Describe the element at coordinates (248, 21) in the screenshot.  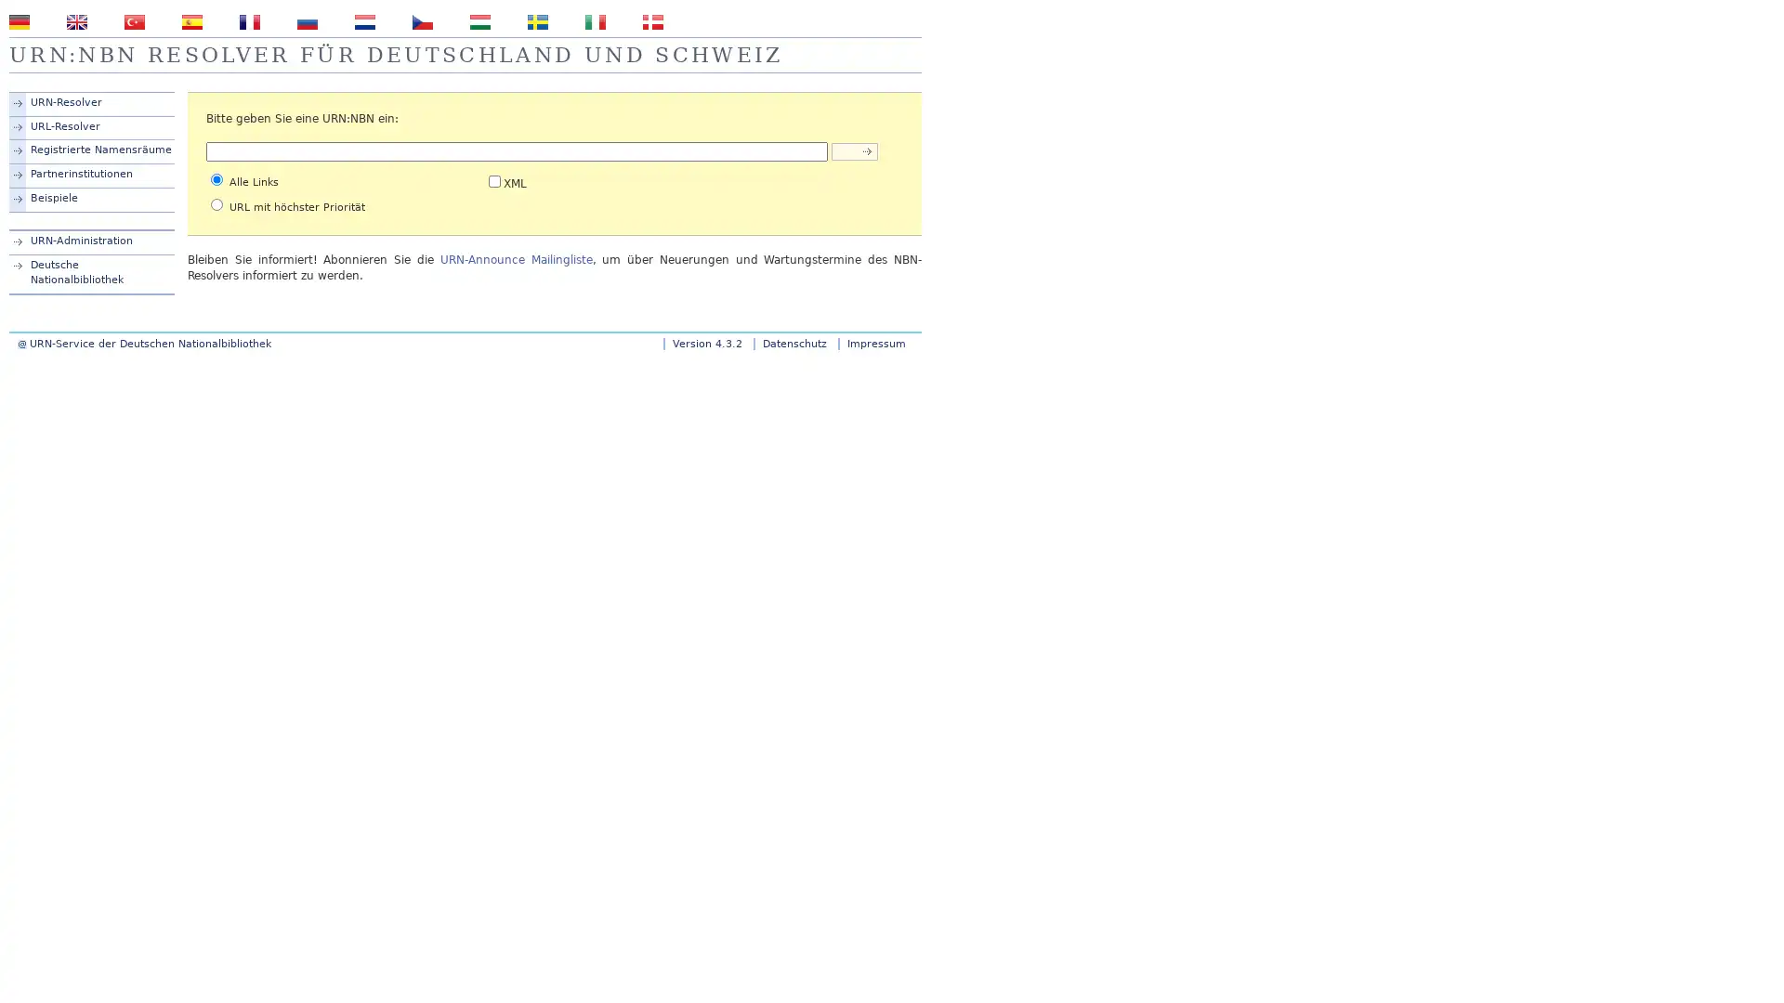
I see `fr` at that location.